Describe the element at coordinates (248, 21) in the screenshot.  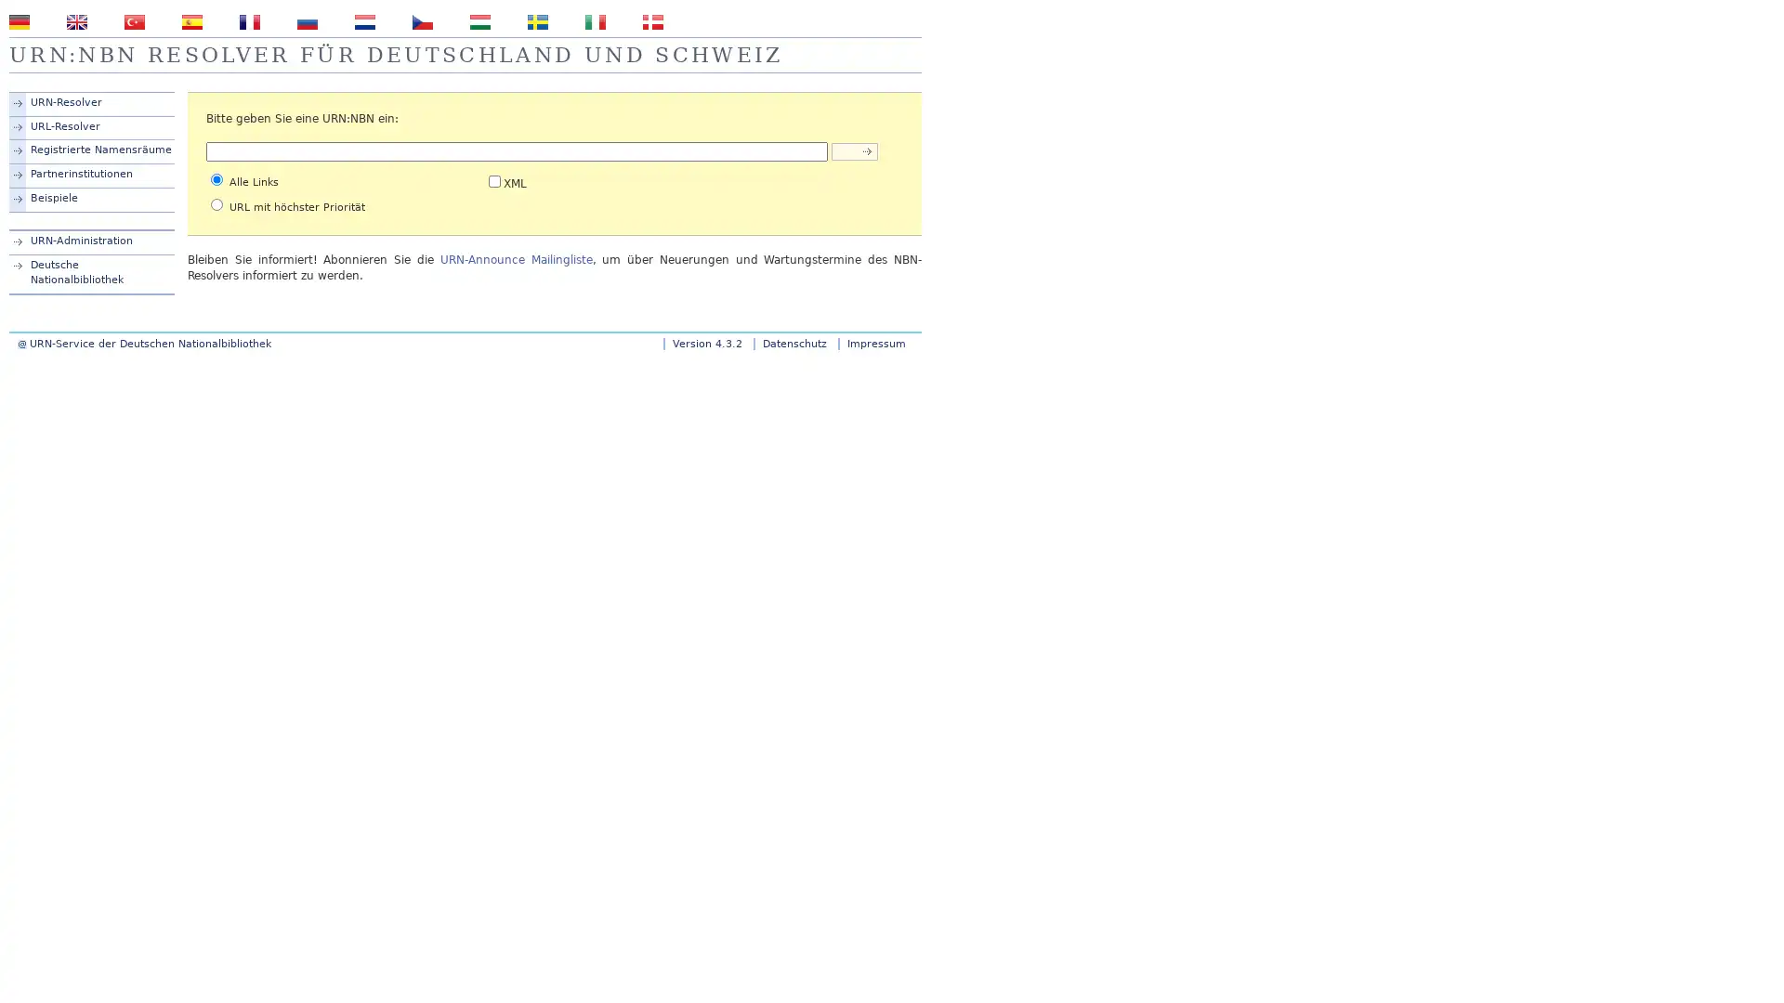
I see `fr` at that location.